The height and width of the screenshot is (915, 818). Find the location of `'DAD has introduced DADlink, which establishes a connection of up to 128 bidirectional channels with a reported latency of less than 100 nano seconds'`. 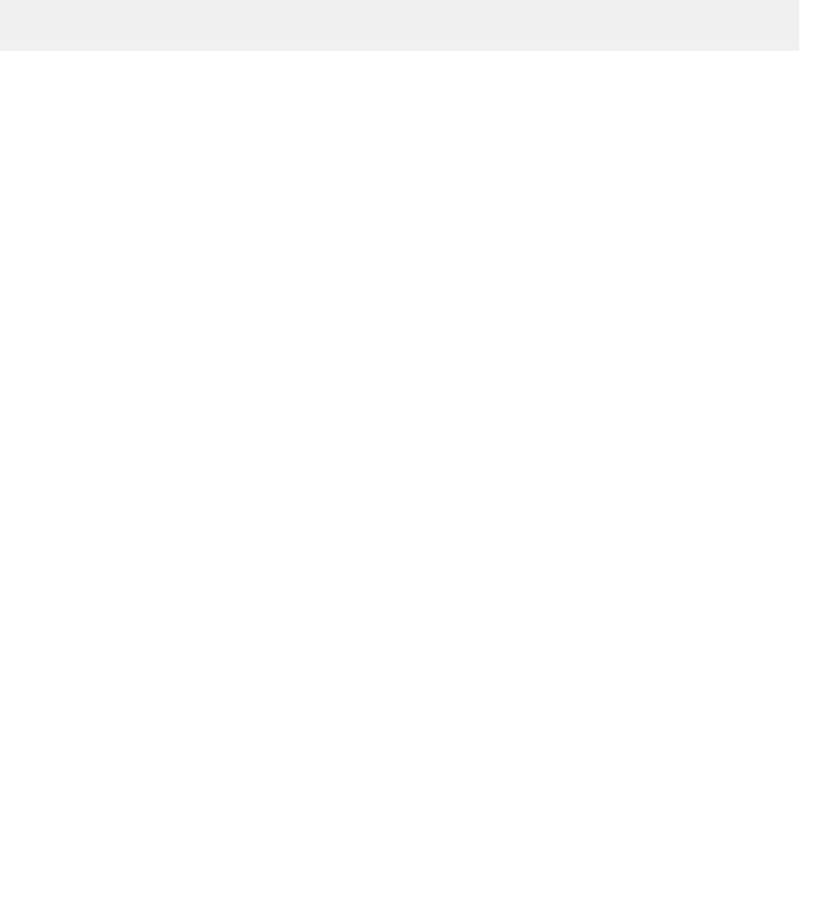

'DAD has introduced DADlink, which establishes a connection of up to 128 bidirectional channels with a reported latency of less than 100 nano seconds' is located at coordinates (355, 806).